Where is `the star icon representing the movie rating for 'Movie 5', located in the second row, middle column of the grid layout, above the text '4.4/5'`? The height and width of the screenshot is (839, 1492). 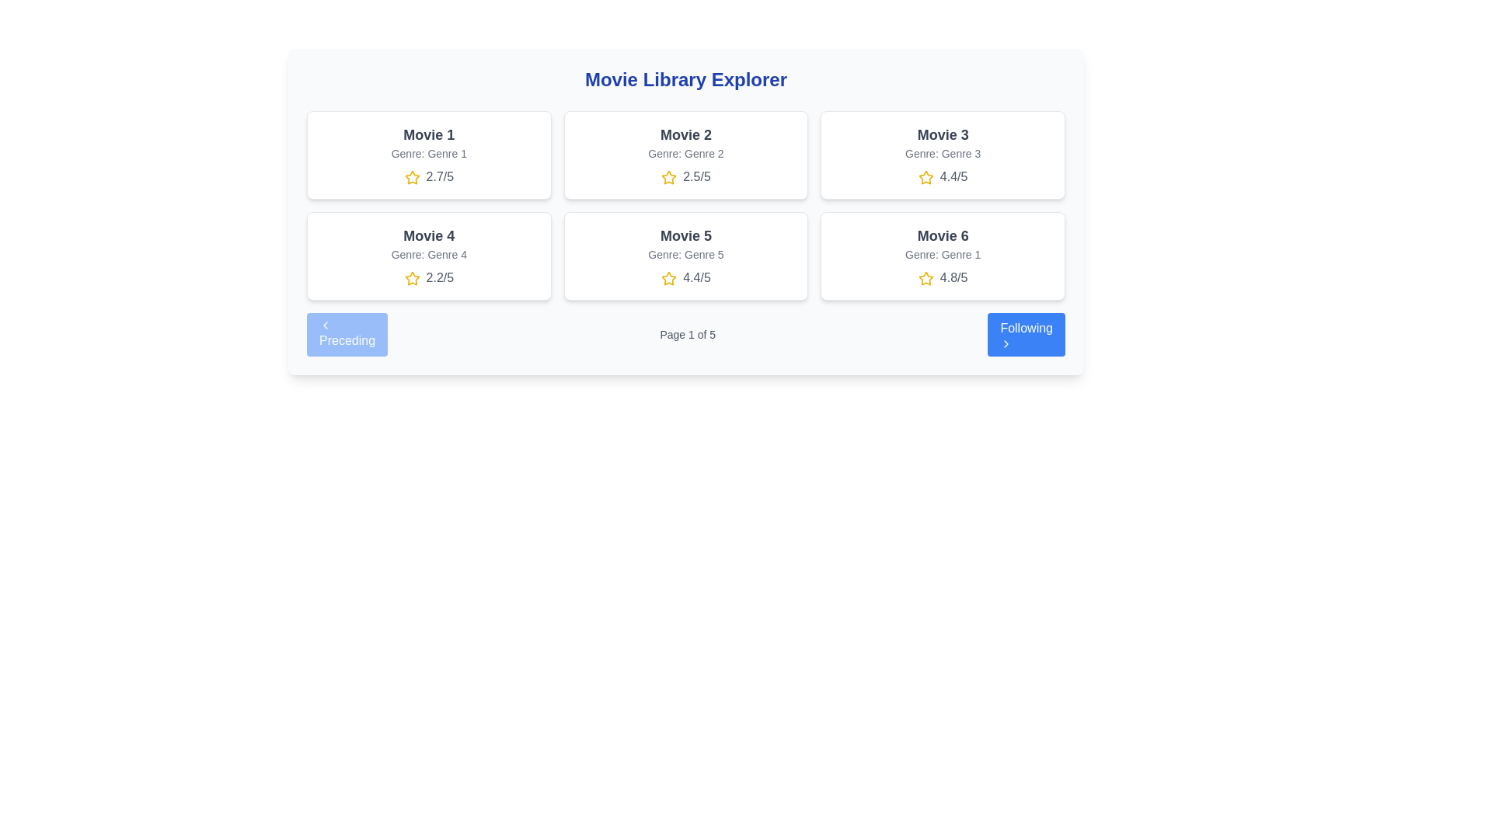 the star icon representing the movie rating for 'Movie 5', located in the second row, middle column of the grid layout, above the text '4.4/5' is located at coordinates (669, 277).